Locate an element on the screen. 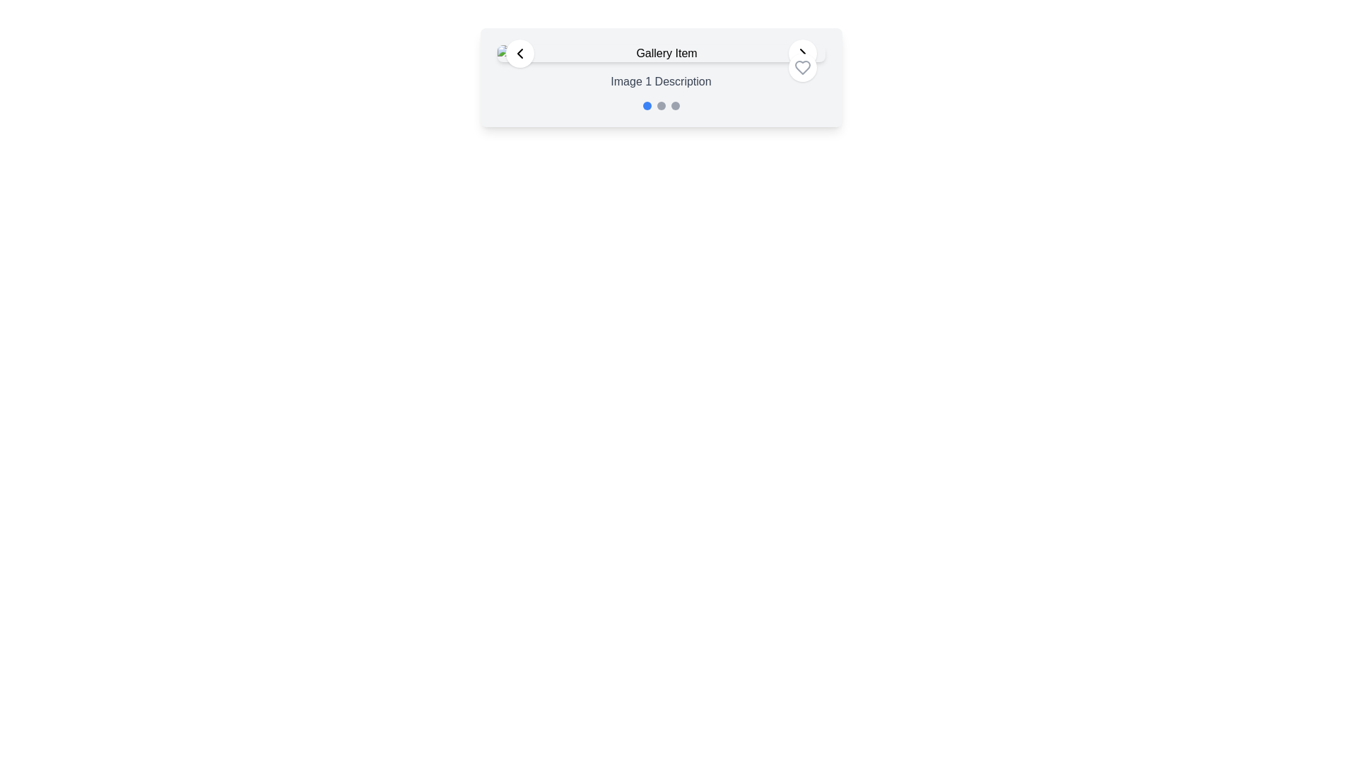  the heart-shaped icon button located in the top-right corner of the gallery item display is located at coordinates (802, 68).